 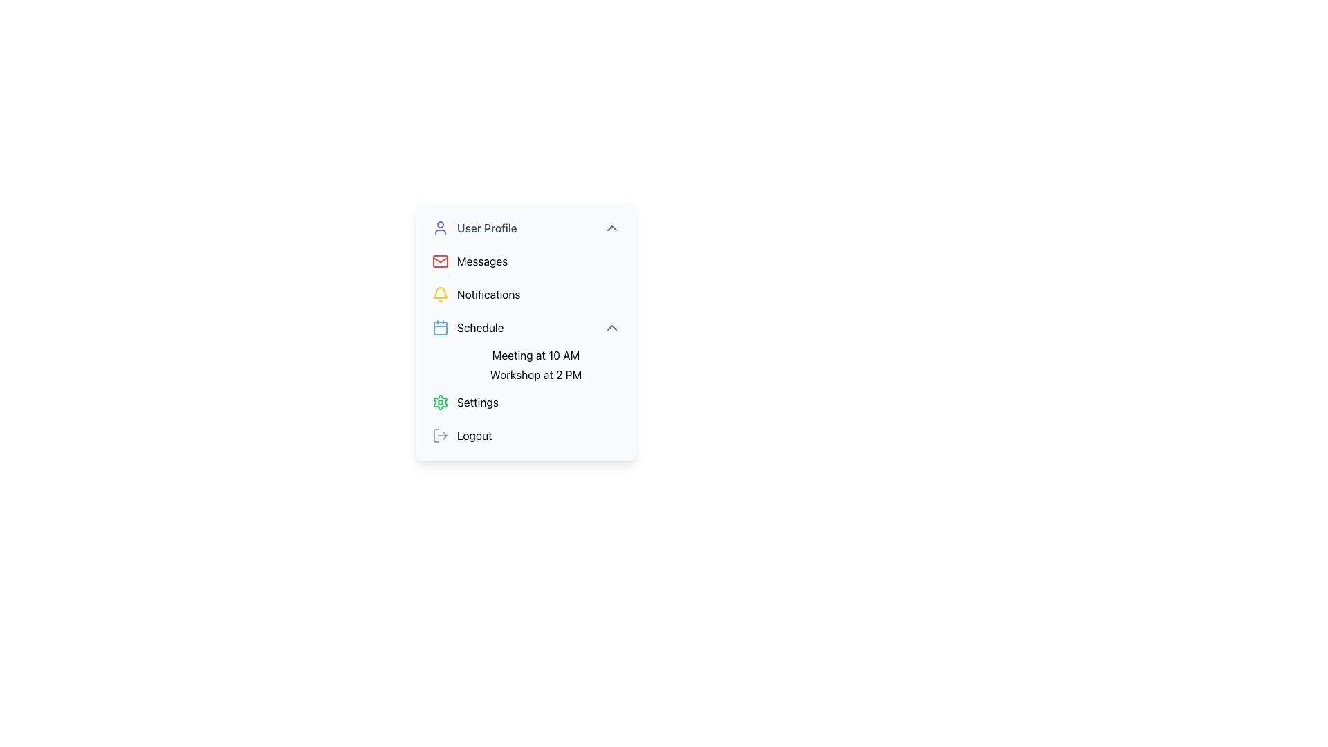 I want to click on the 'Logout' text label in the vertical navigation menu, so click(x=474, y=434).